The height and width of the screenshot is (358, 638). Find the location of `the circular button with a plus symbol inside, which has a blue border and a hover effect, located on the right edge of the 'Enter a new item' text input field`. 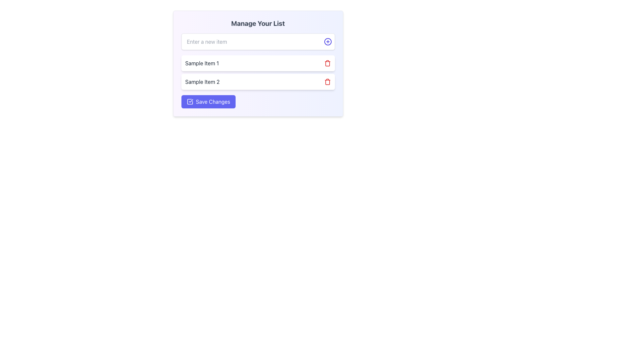

the circular button with a plus symbol inside, which has a blue border and a hover effect, located on the right edge of the 'Enter a new item' text input field is located at coordinates (328, 42).